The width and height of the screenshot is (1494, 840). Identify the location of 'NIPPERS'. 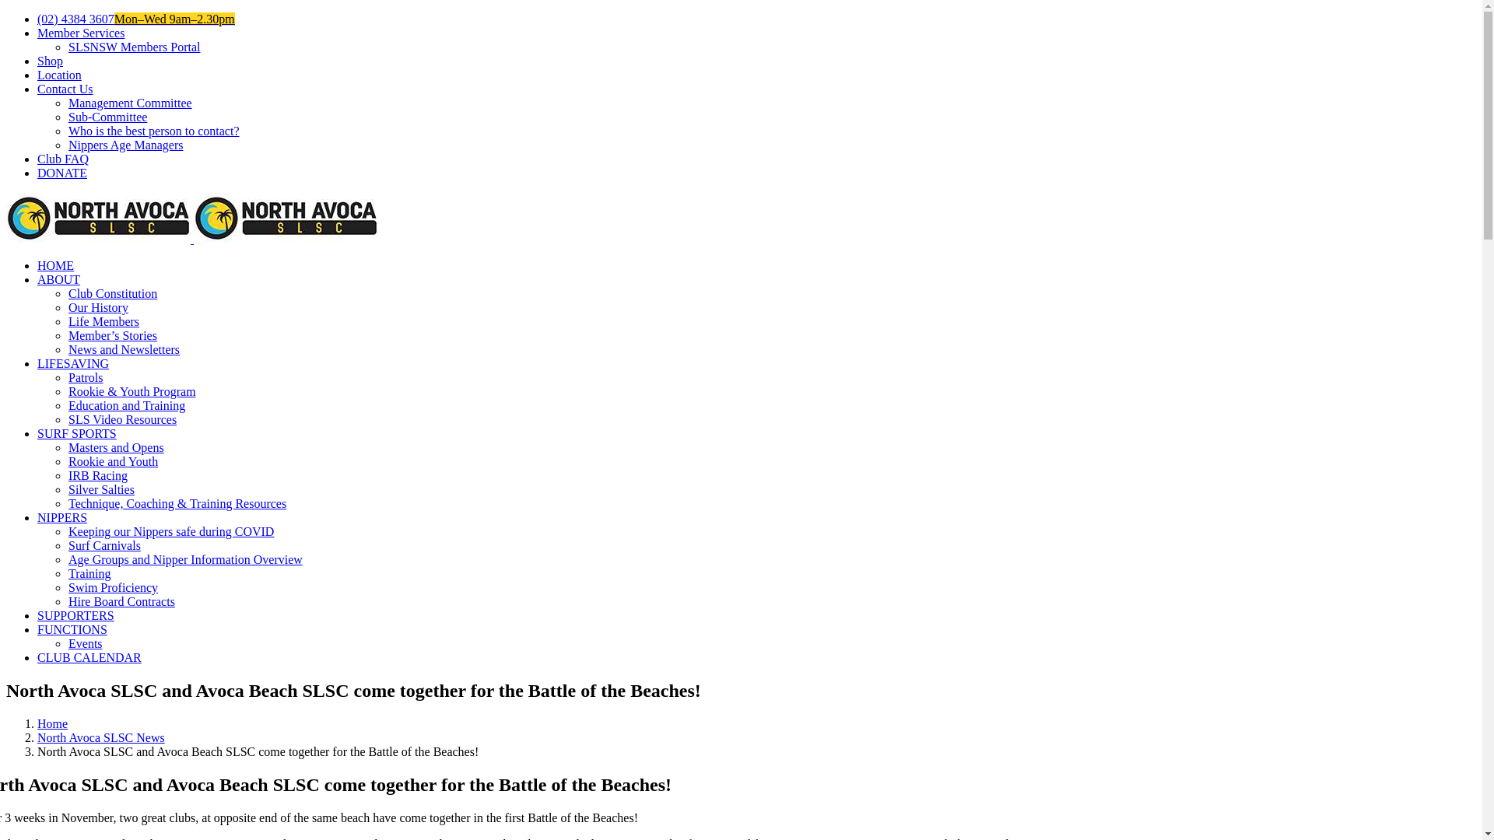
(62, 517).